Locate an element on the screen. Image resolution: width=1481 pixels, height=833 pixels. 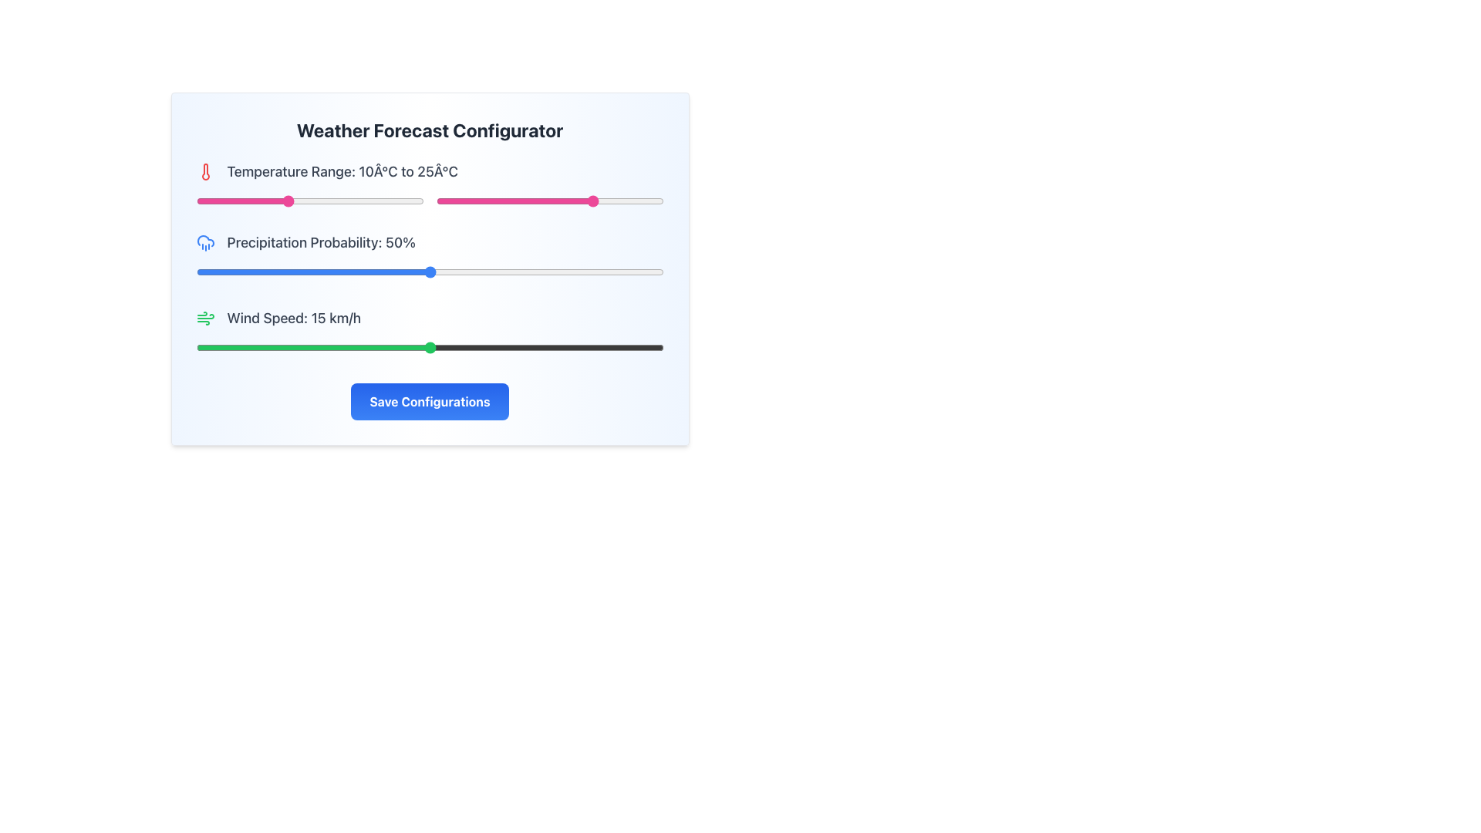
the temperature value is located at coordinates (490, 201).